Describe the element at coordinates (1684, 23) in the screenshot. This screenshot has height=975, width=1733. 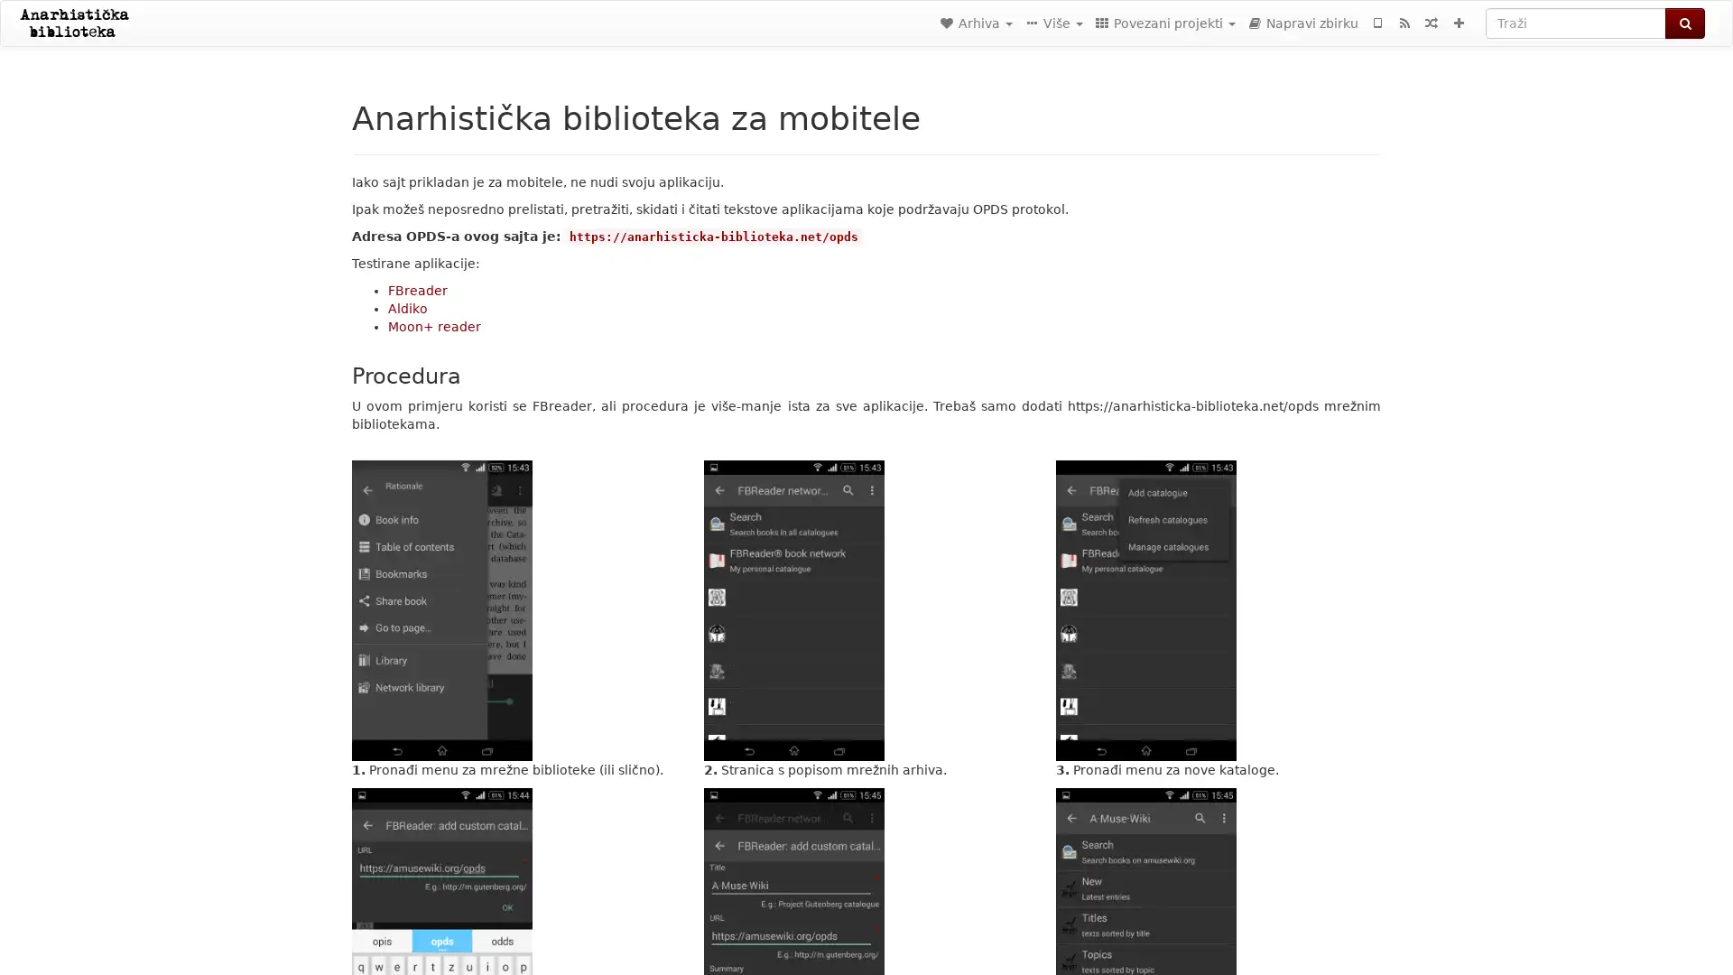
I see `Trazi` at that location.